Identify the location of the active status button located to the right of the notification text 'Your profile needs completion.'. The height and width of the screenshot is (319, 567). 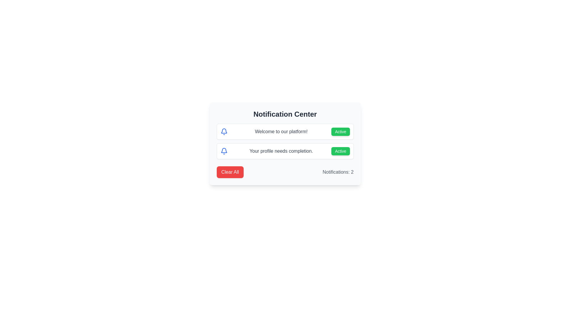
(340, 151).